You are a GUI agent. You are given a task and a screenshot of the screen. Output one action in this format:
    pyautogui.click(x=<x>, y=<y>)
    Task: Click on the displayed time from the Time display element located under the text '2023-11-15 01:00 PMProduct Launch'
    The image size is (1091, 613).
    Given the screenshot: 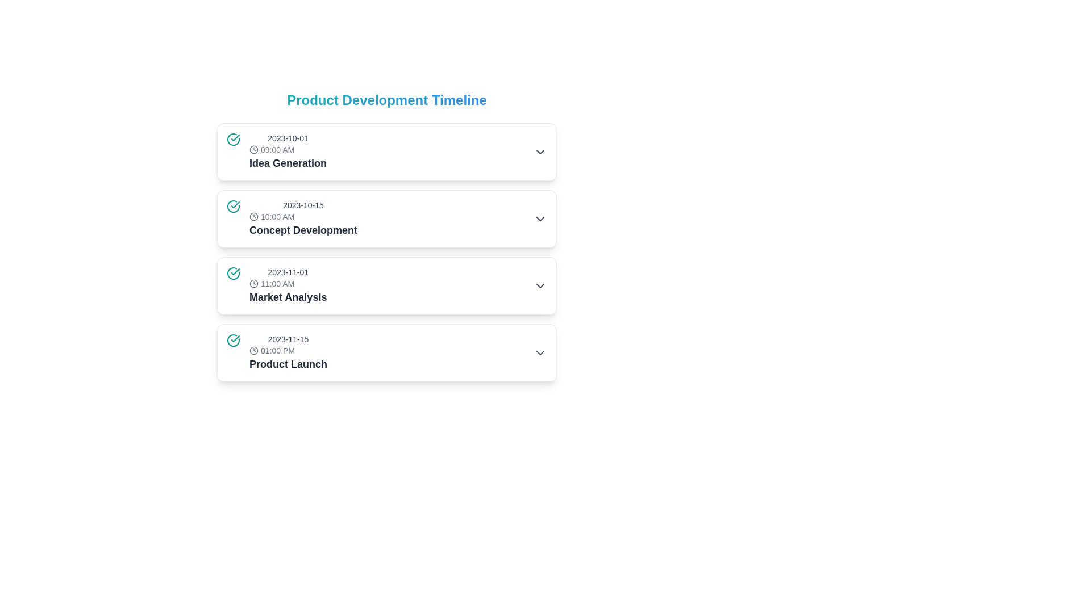 What is the action you would take?
    pyautogui.click(x=288, y=350)
    